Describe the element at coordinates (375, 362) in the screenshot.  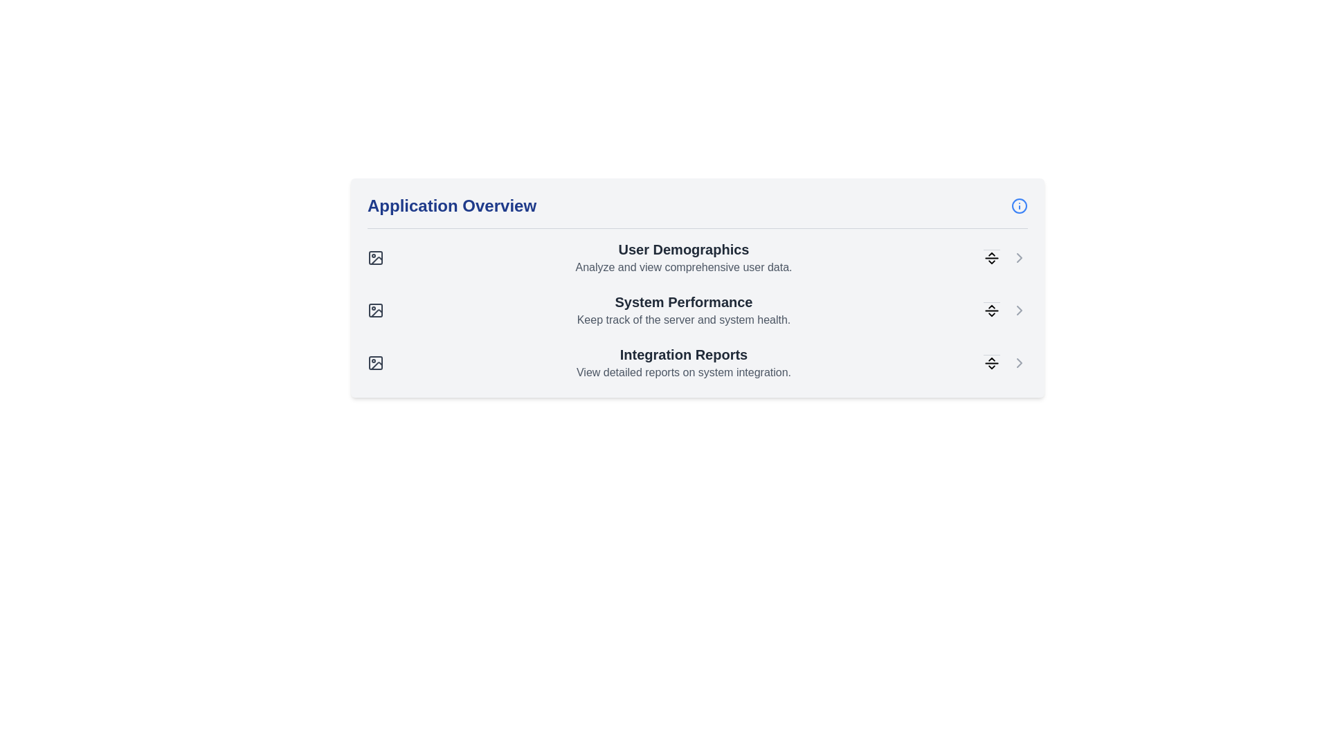
I see `the minimalist framed landscape image icon located in the 'Integration Reports' row` at that location.